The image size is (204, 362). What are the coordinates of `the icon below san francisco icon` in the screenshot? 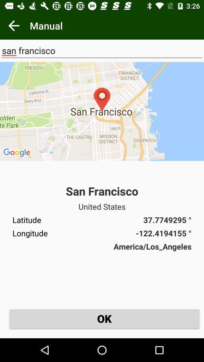 It's located at (102, 111).